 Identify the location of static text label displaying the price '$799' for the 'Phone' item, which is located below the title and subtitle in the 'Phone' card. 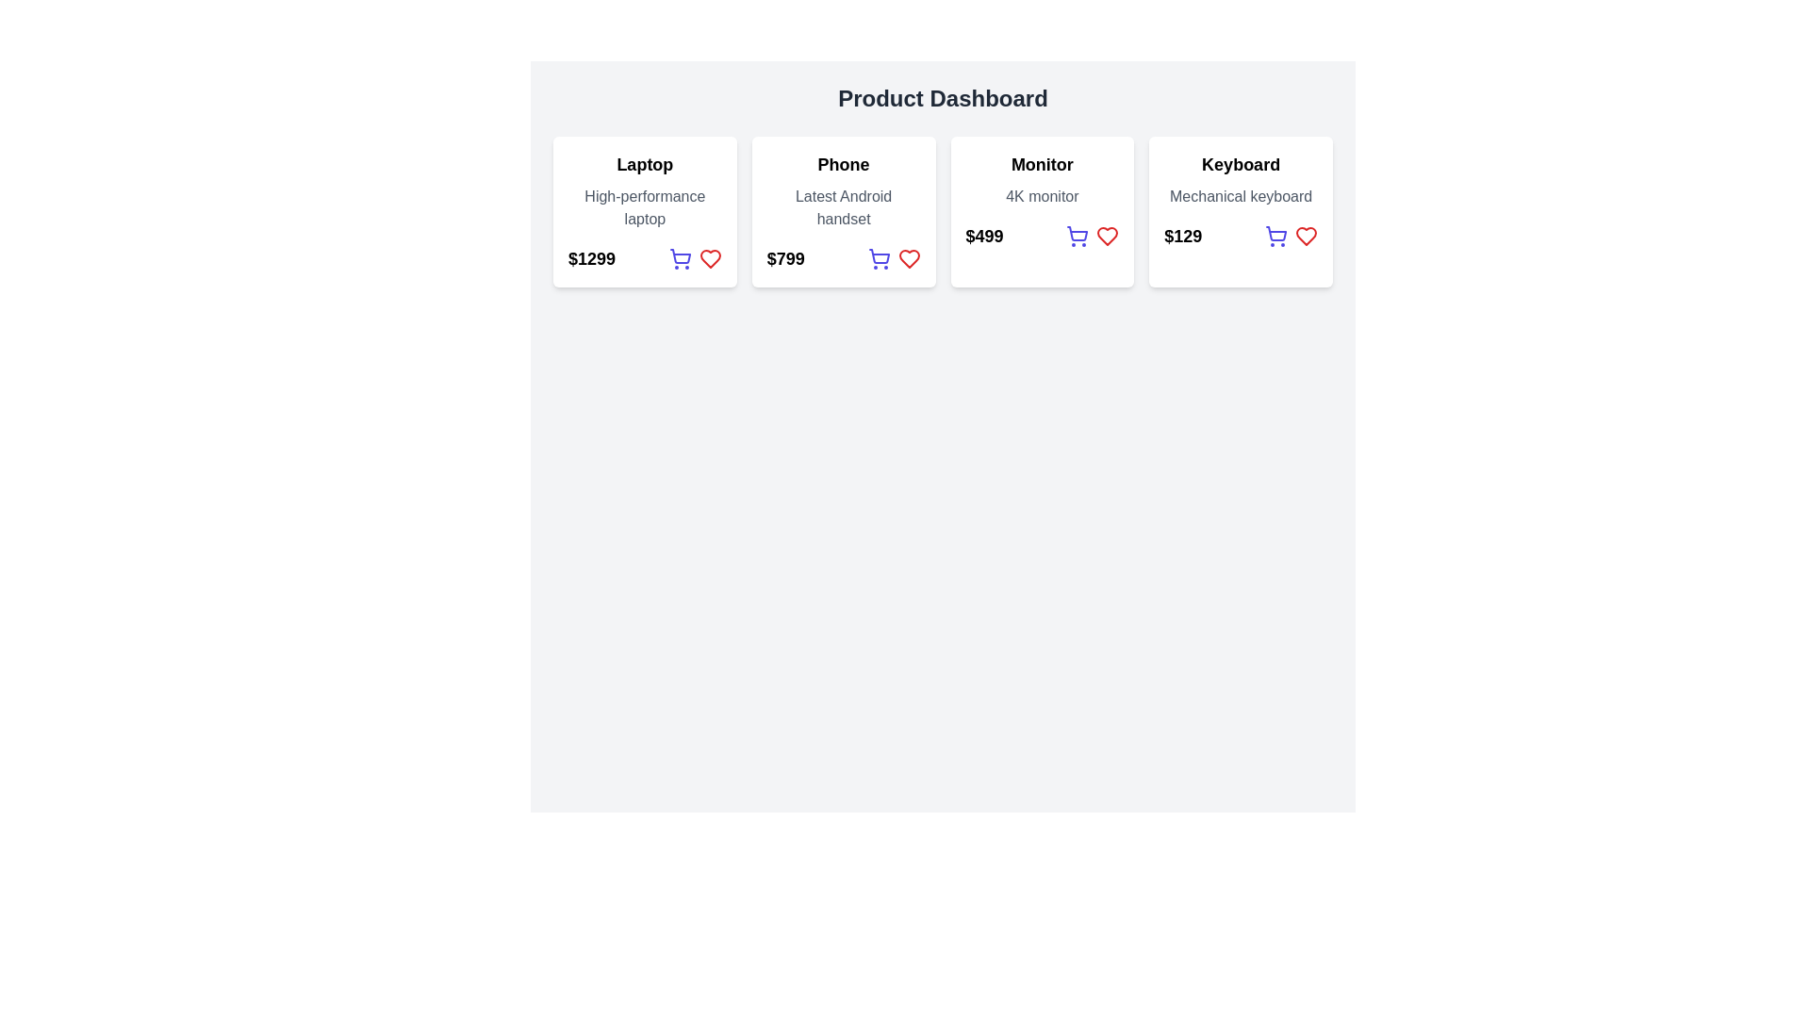
(785, 258).